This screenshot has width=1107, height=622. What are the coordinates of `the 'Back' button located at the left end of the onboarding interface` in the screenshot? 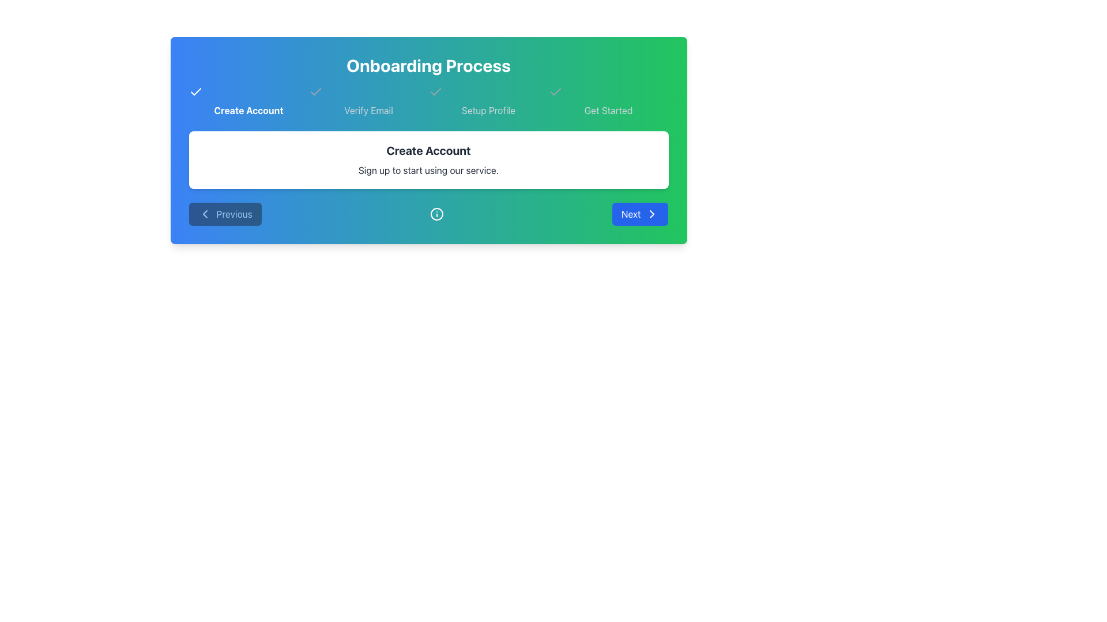 It's located at (225, 214).